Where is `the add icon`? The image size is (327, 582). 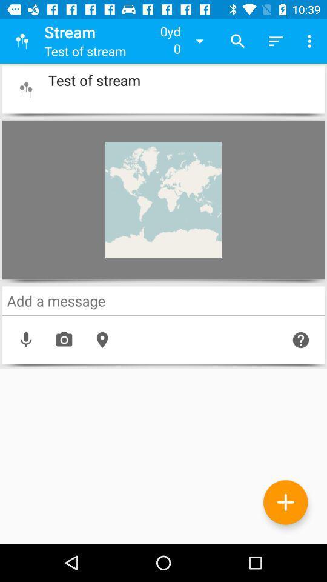 the add icon is located at coordinates (285, 502).